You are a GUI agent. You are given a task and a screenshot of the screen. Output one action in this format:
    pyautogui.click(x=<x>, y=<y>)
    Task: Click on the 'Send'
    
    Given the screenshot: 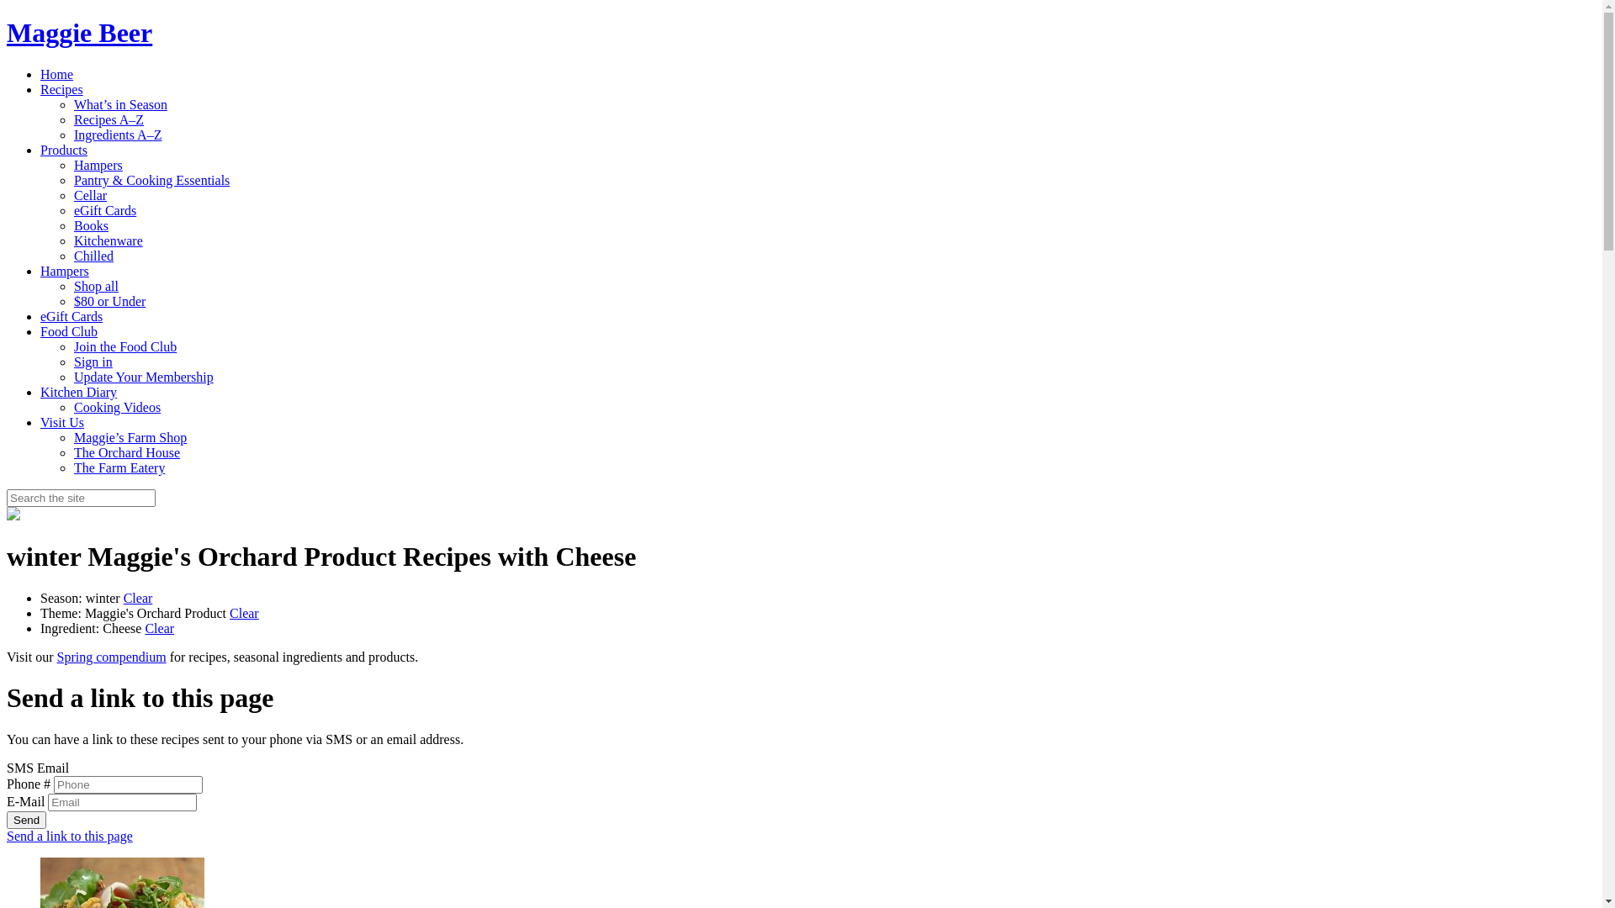 What is the action you would take?
    pyautogui.click(x=26, y=819)
    